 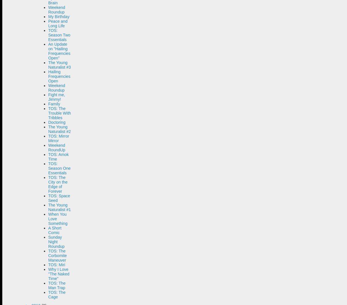 What do you see at coordinates (59, 273) in the screenshot?
I see `'Why I Love "The Naked Time"'` at bounding box center [59, 273].